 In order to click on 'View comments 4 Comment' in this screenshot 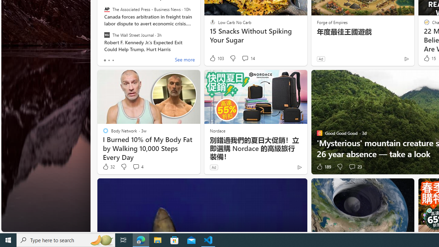, I will do `click(137, 167)`.